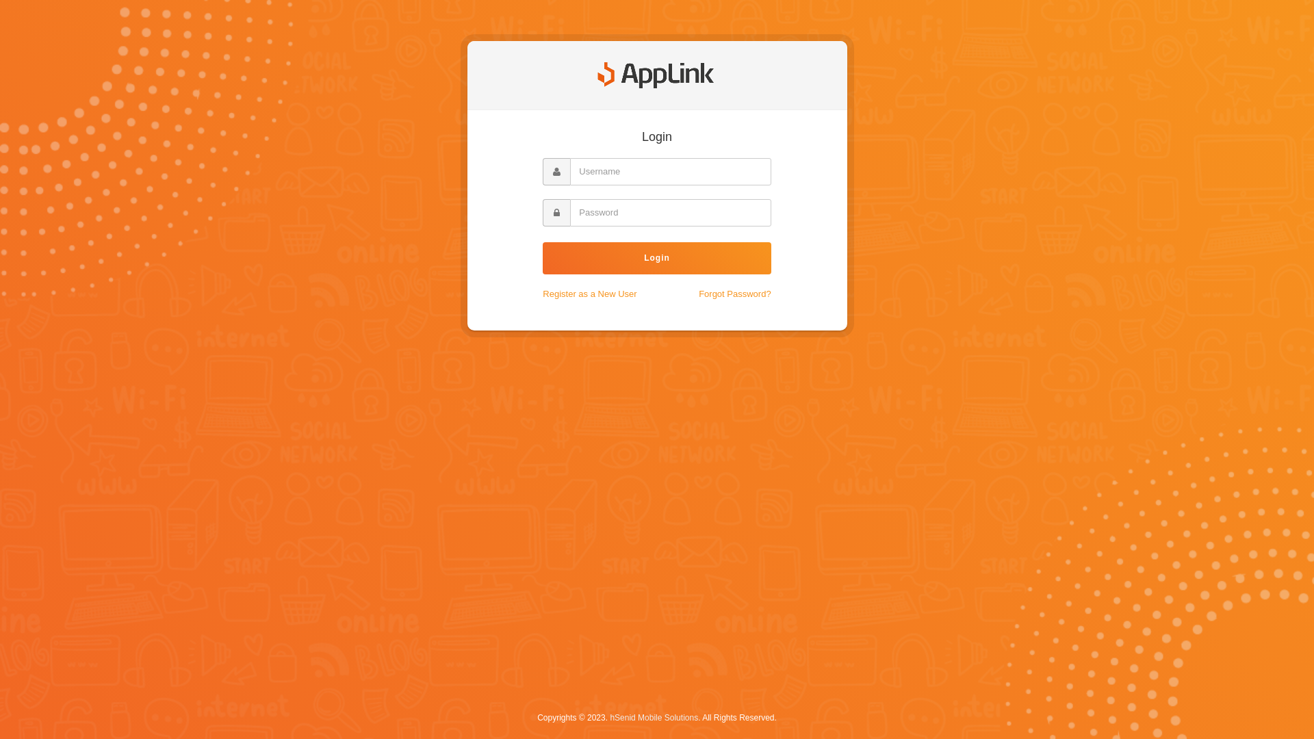 The image size is (1314, 739). Describe the element at coordinates (589, 293) in the screenshot. I see `'Register as a New User'` at that location.